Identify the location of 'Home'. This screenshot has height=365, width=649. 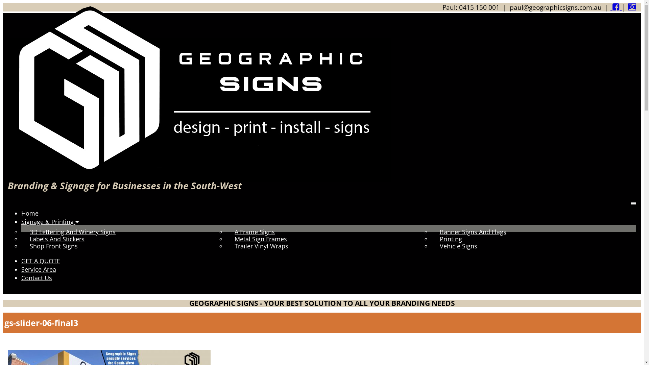
(29, 213).